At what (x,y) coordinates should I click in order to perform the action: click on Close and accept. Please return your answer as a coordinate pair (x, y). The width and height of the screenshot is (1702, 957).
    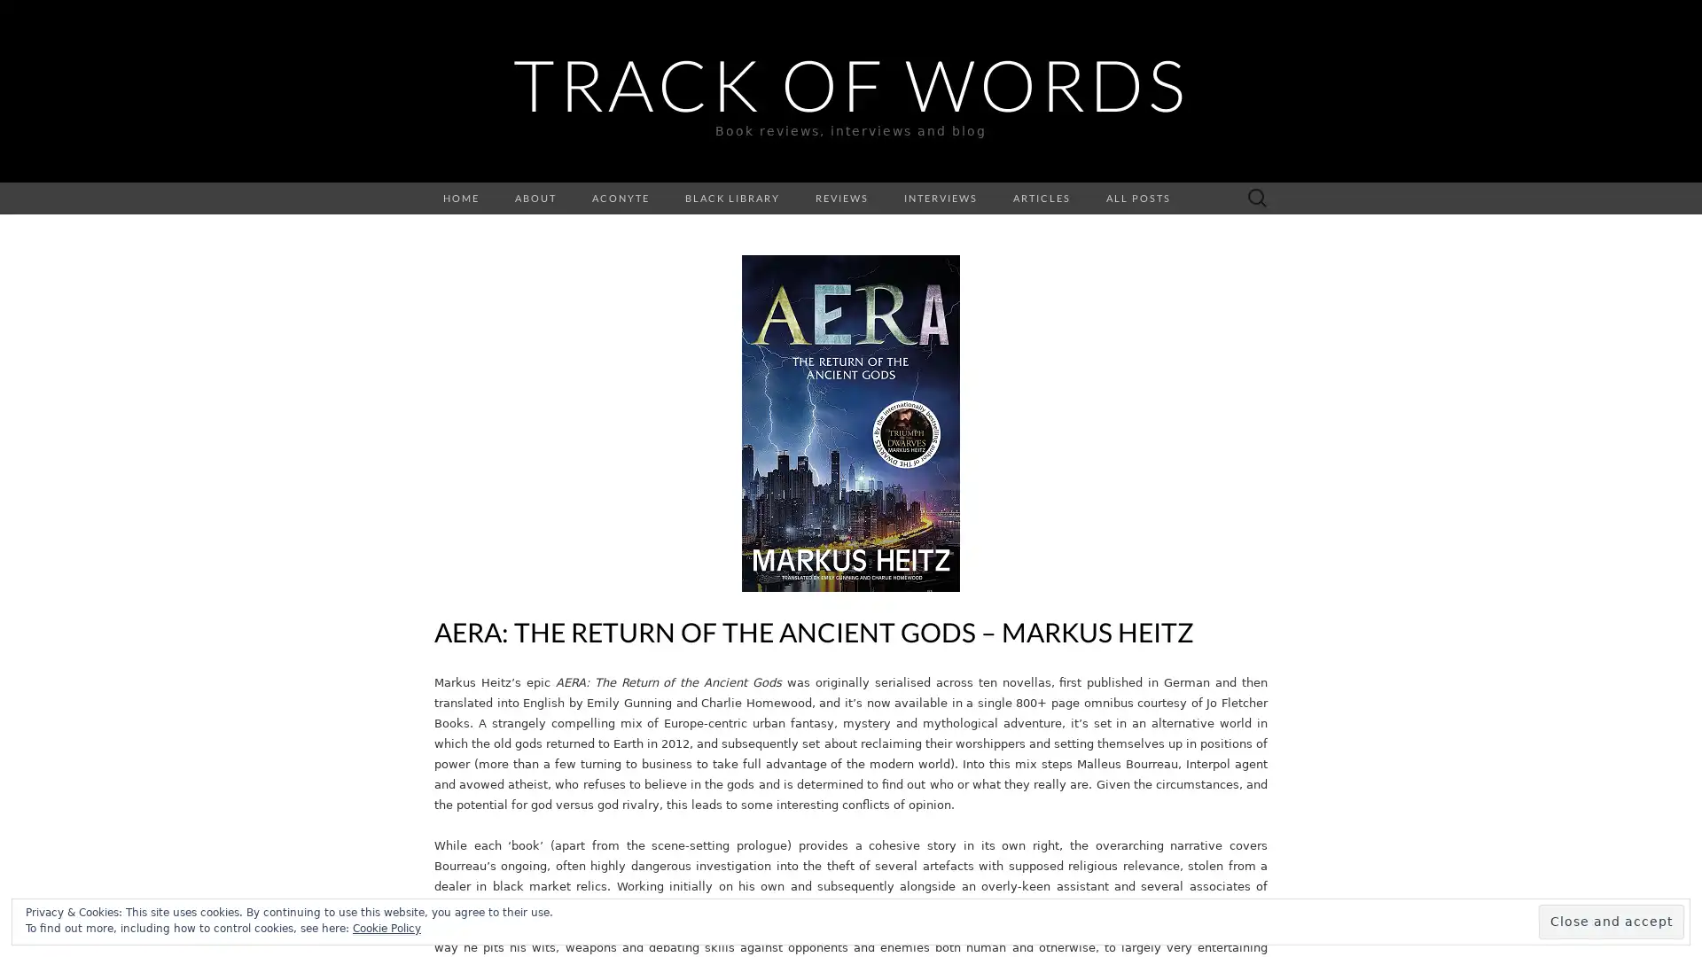
    Looking at the image, I should click on (1612, 921).